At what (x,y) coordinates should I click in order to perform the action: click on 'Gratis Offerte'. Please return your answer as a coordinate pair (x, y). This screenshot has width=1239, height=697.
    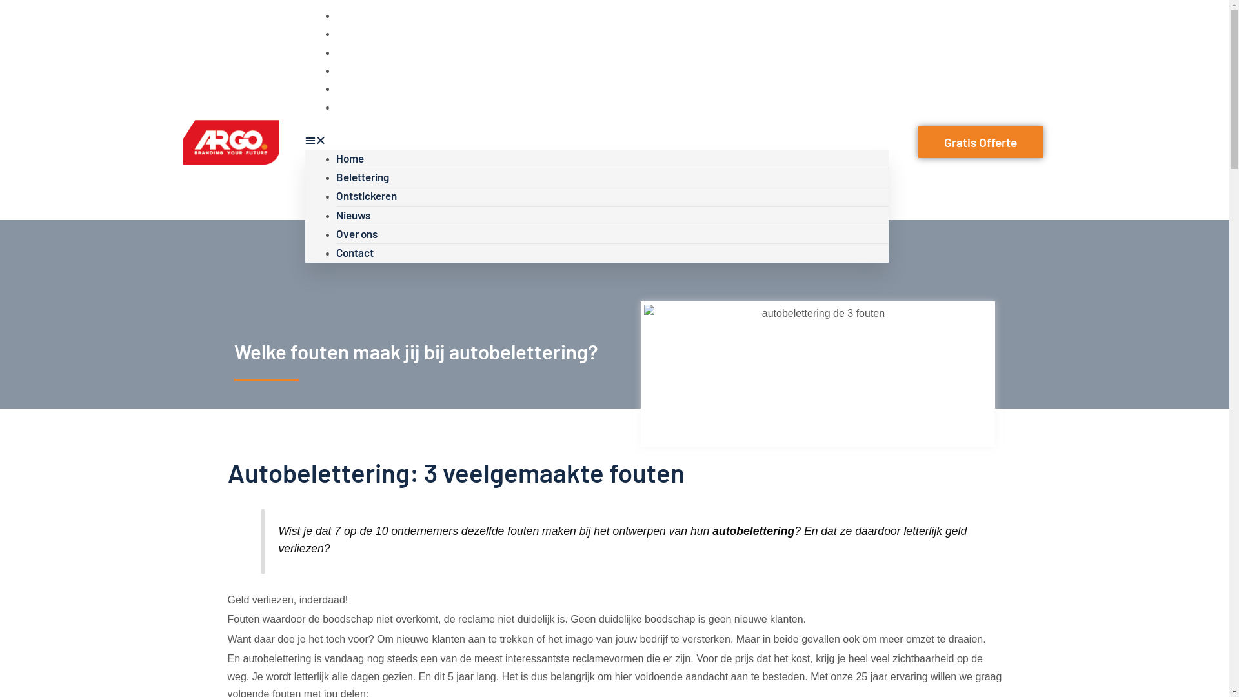
    Looking at the image, I should click on (980, 142).